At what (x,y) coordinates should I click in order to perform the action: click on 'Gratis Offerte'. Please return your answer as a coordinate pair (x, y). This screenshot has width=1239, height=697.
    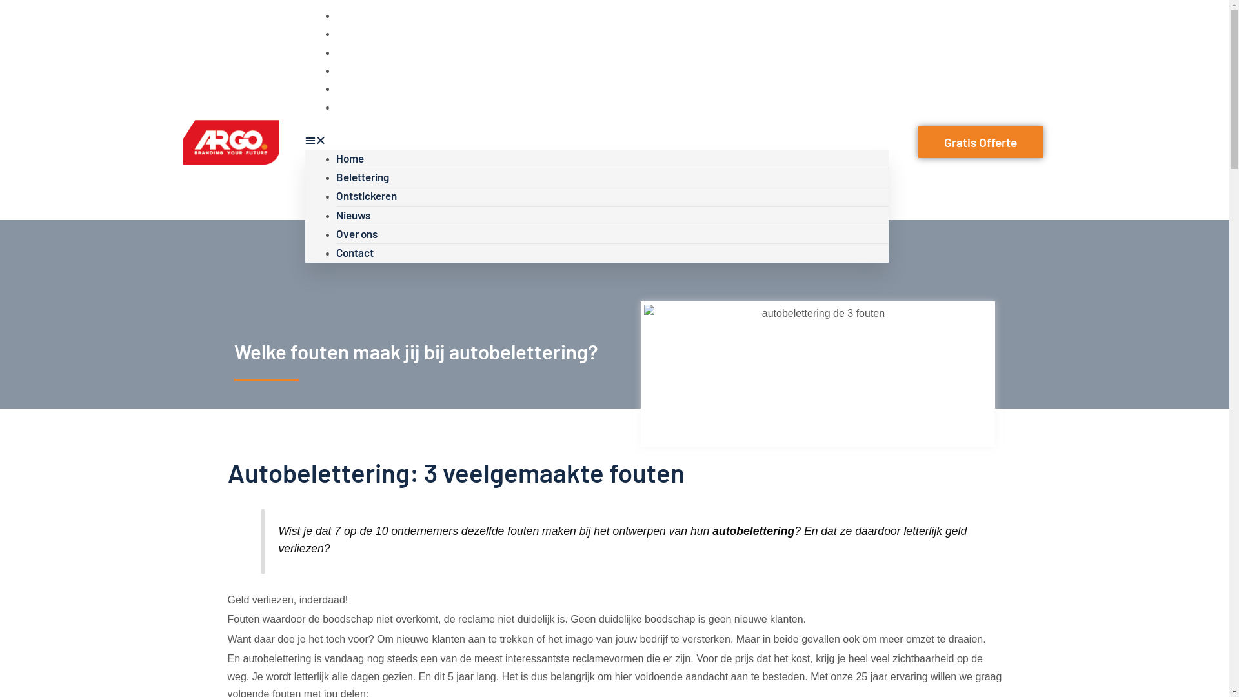
    Looking at the image, I should click on (980, 142).